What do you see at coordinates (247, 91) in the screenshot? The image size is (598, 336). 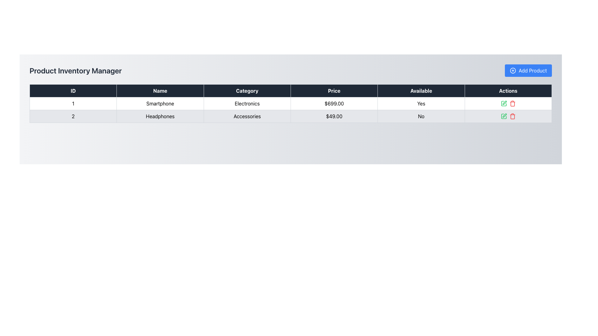 I see `the 'Category' table header element` at bounding box center [247, 91].